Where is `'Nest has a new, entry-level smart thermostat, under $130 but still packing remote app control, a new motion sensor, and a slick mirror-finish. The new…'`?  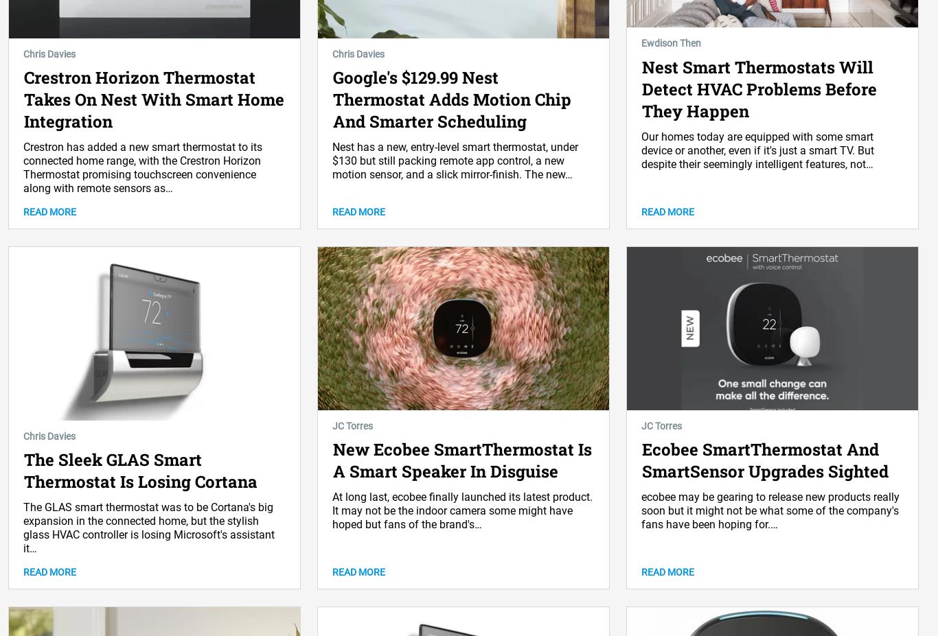 'Nest has a new, entry-level smart thermostat, under $130 but still packing remote app control, a new motion sensor, and a slick mirror-finish. The new…' is located at coordinates (455, 161).